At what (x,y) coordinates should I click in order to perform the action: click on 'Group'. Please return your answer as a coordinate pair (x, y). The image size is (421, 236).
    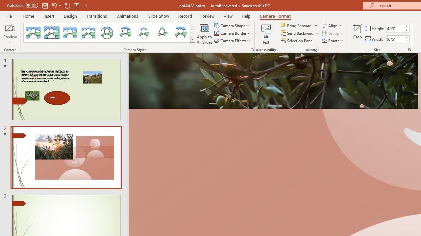
    Looking at the image, I should click on (333, 33).